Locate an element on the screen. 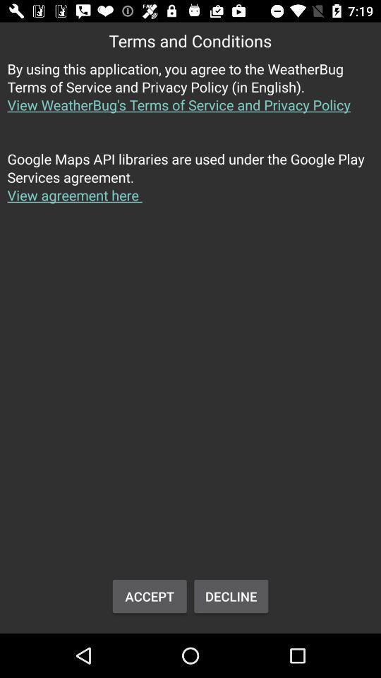  button next to the accept icon is located at coordinates (231, 595).